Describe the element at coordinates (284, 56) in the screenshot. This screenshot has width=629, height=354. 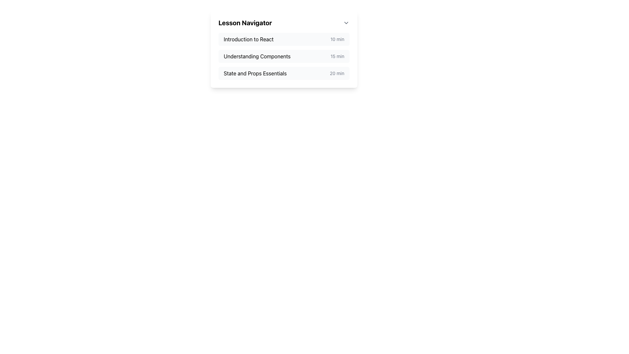
I see `text content of the navigational list titled 'Lesson Navigator', which includes 'Introduction to React', 'Understanding Components', and 'State and Props Essentials'` at that location.